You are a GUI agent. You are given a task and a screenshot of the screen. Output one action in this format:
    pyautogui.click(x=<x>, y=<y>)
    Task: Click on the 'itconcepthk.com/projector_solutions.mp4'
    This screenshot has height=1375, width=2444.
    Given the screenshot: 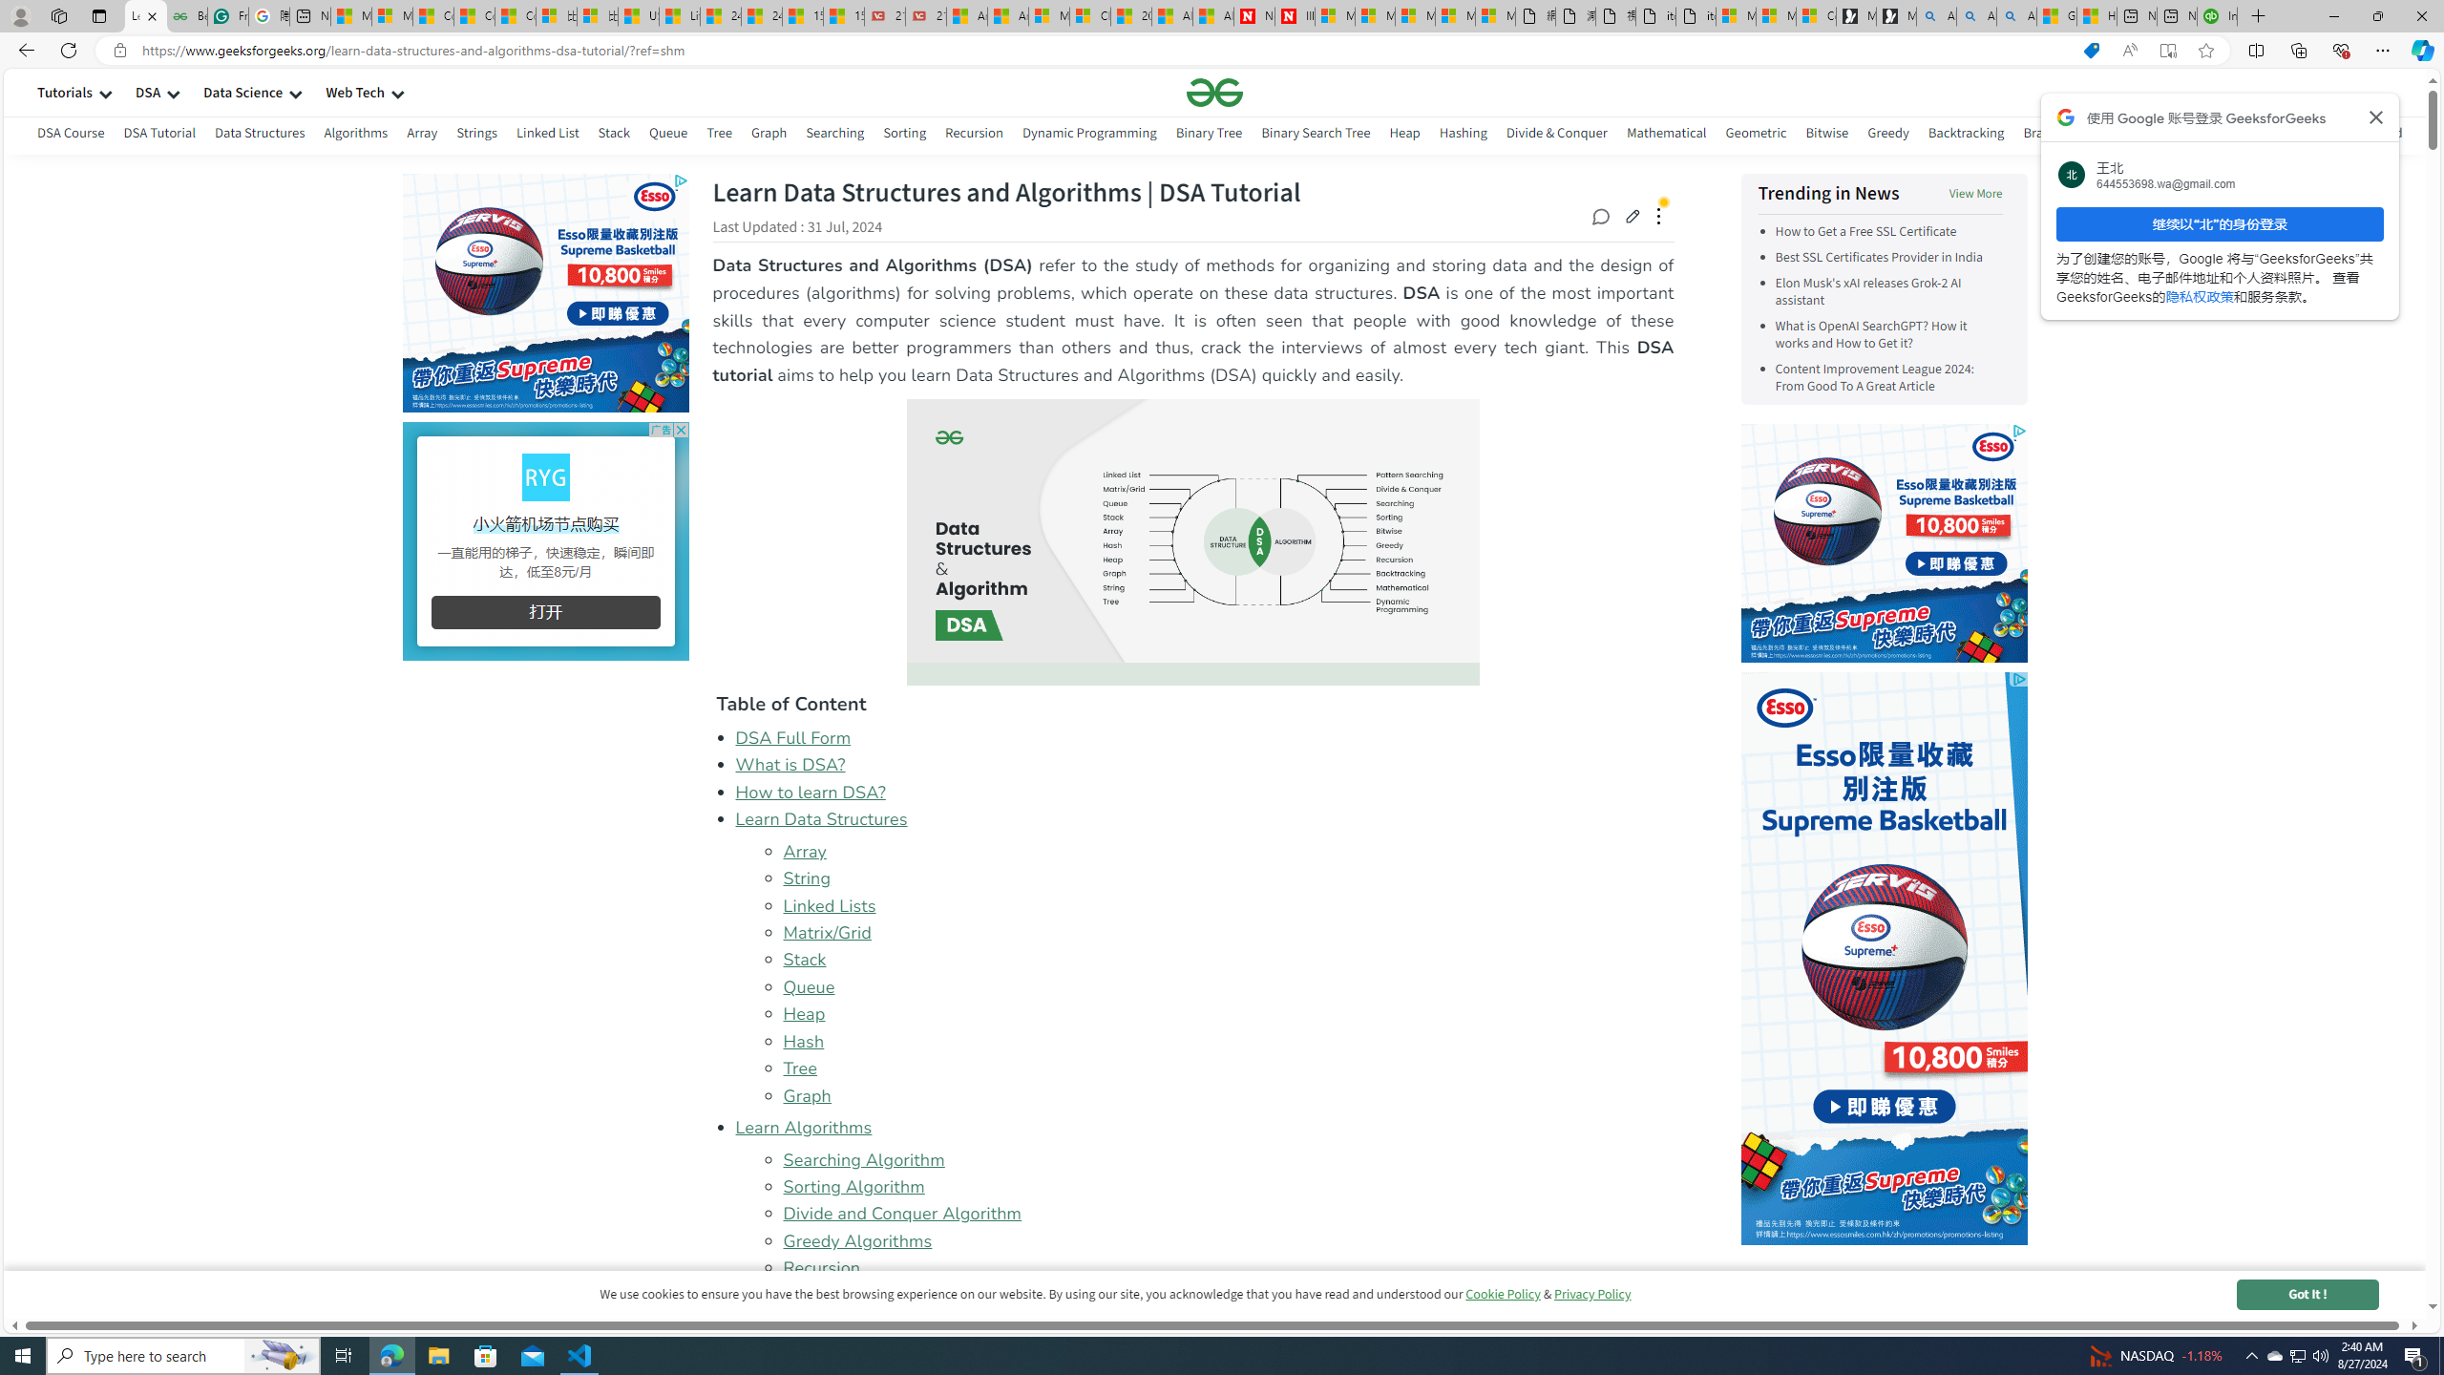 What is the action you would take?
    pyautogui.click(x=1694, y=15)
    